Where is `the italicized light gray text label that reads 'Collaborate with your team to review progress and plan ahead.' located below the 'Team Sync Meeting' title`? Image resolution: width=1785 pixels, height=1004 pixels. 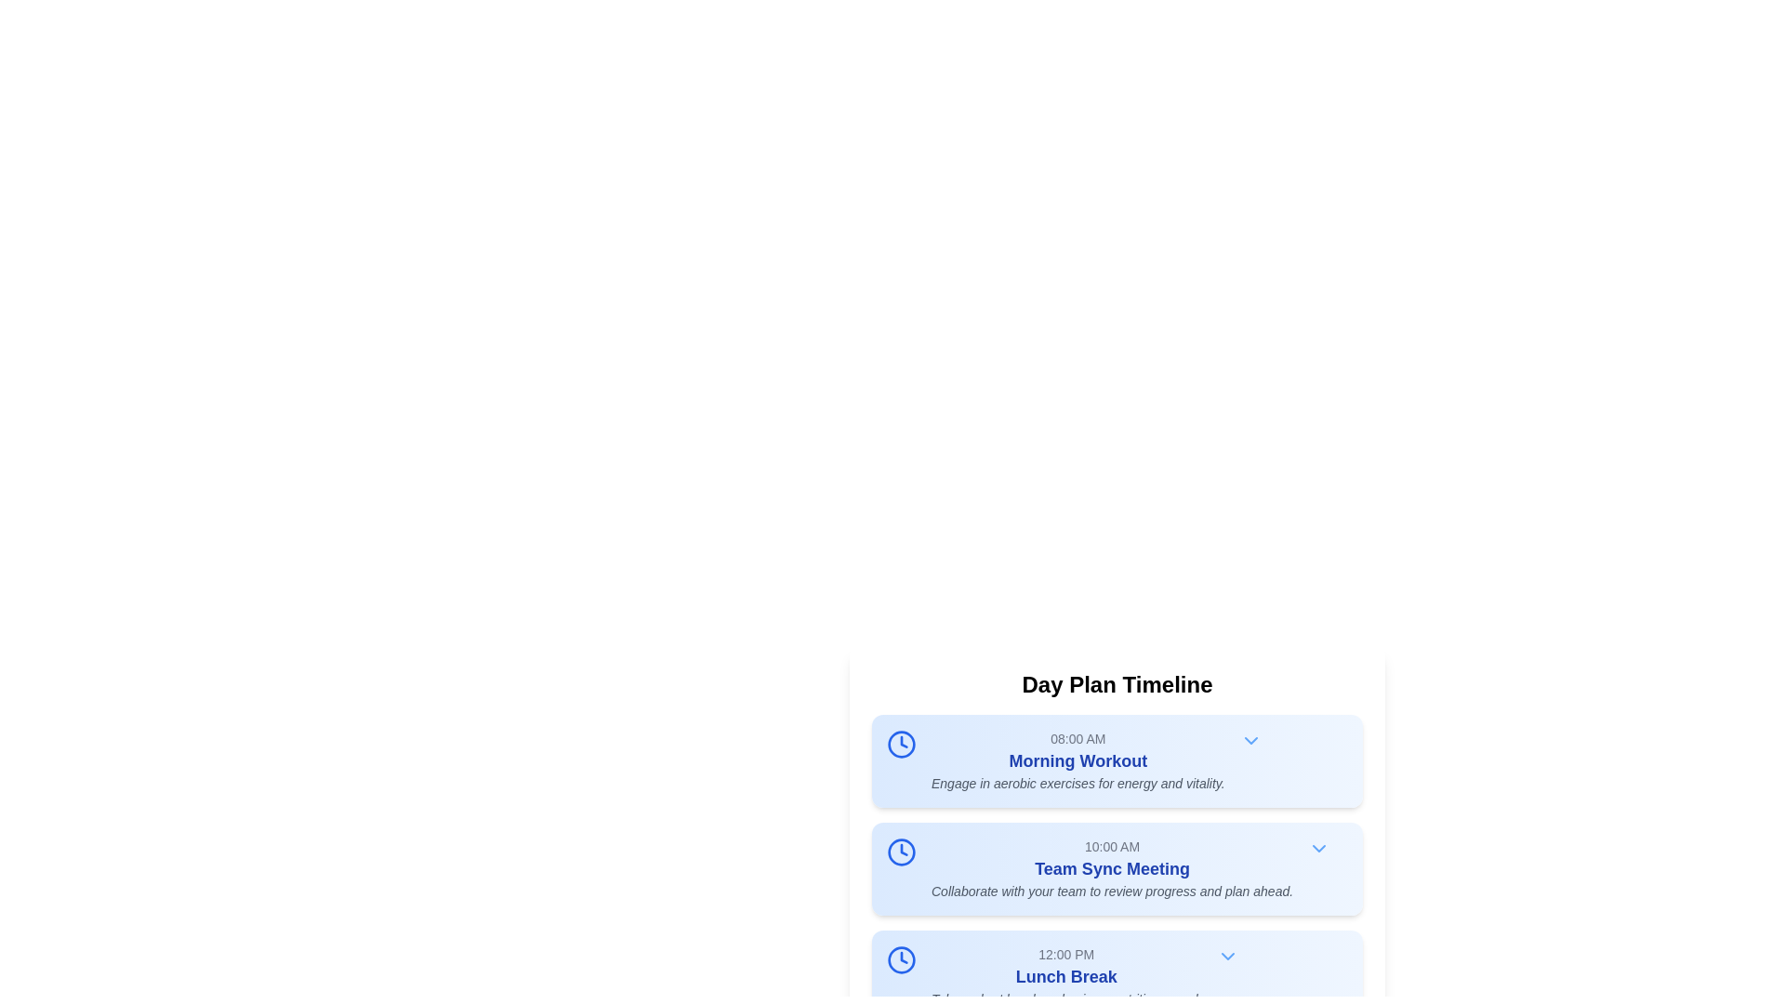 the italicized light gray text label that reads 'Collaborate with your team to review progress and plan ahead.' located below the 'Team Sync Meeting' title is located at coordinates (1112, 891).